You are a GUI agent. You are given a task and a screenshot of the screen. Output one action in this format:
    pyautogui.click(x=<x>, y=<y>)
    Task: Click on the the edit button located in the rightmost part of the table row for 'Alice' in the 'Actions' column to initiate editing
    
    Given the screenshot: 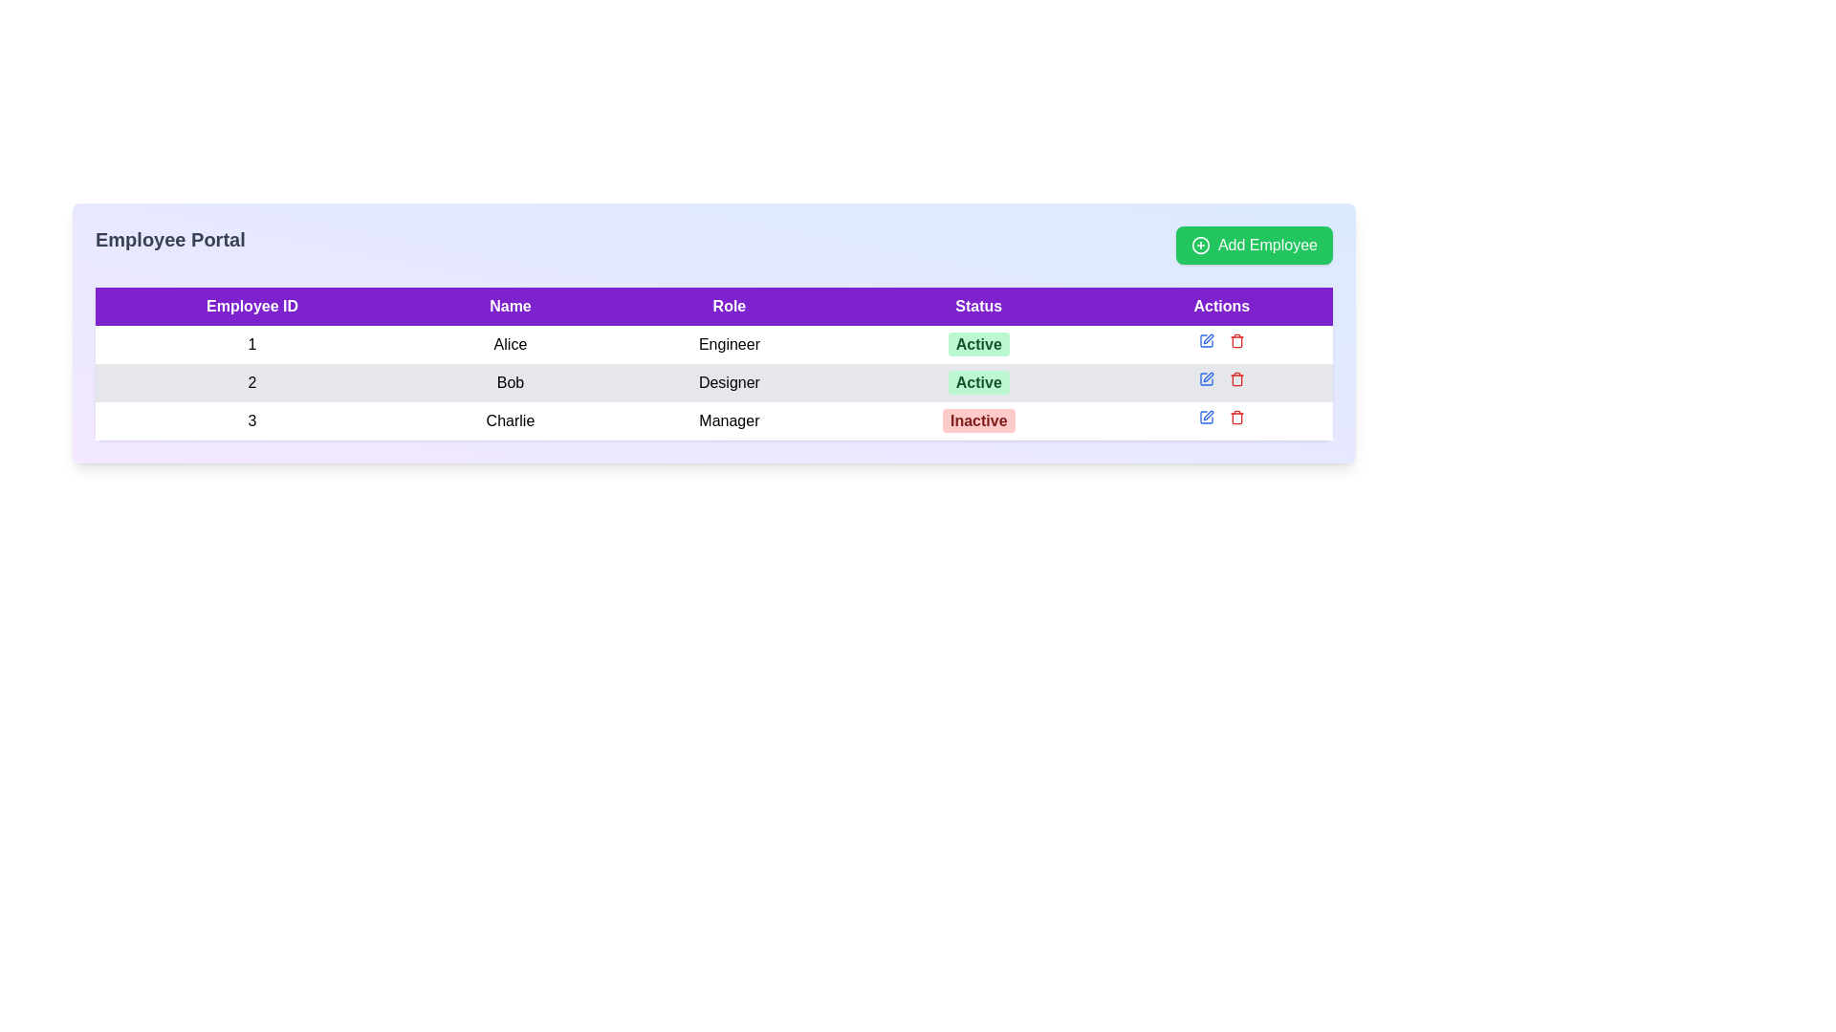 What is the action you would take?
    pyautogui.click(x=1205, y=340)
    